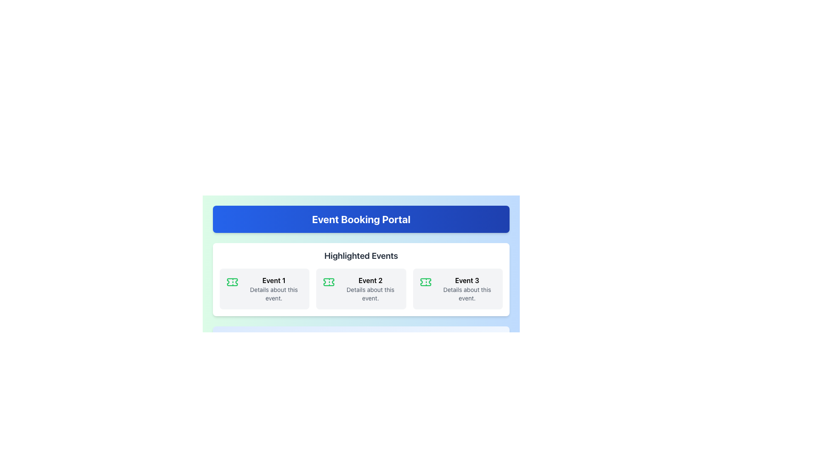  What do you see at coordinates (232, 282) in the screenshot?
I see `the decorative graphical part of the event ticket icon for 'Event 1' located in the highlighted events row` at bounding box center [232, 282].